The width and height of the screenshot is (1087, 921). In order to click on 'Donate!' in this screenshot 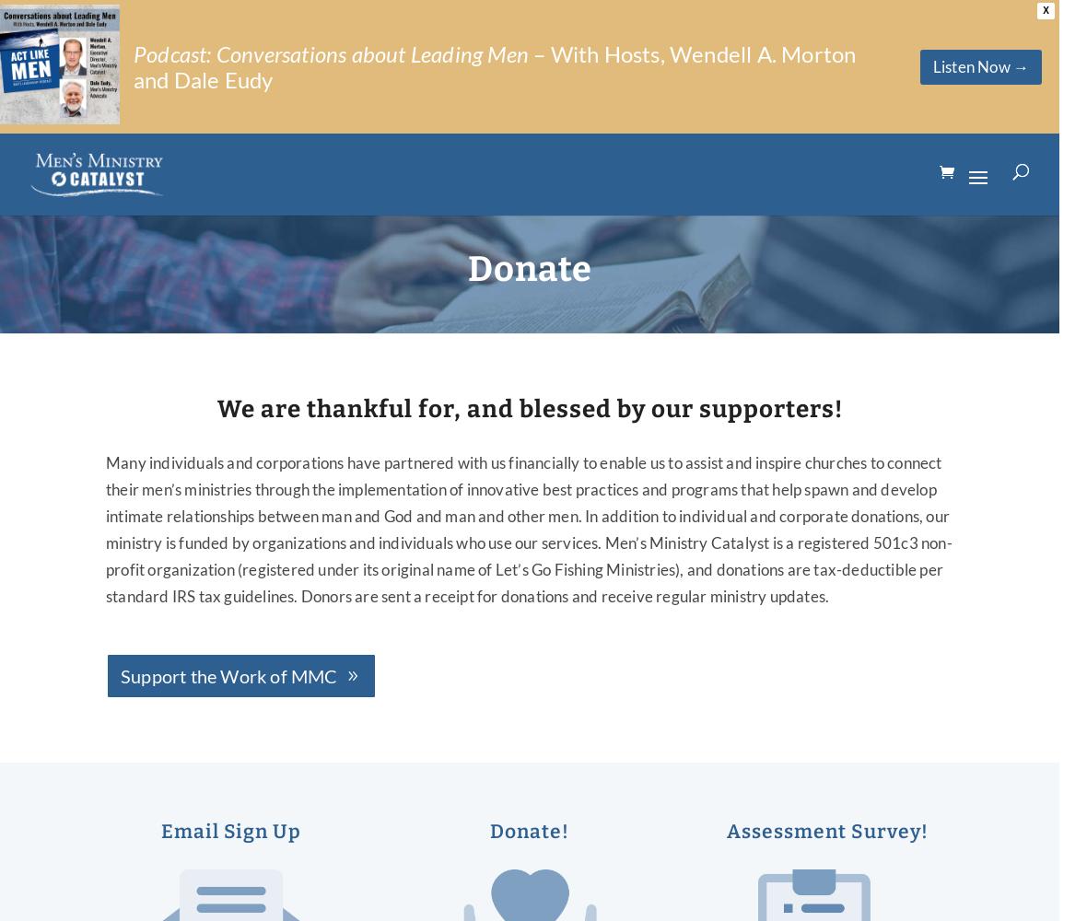, I will do `click(528, 831)`.